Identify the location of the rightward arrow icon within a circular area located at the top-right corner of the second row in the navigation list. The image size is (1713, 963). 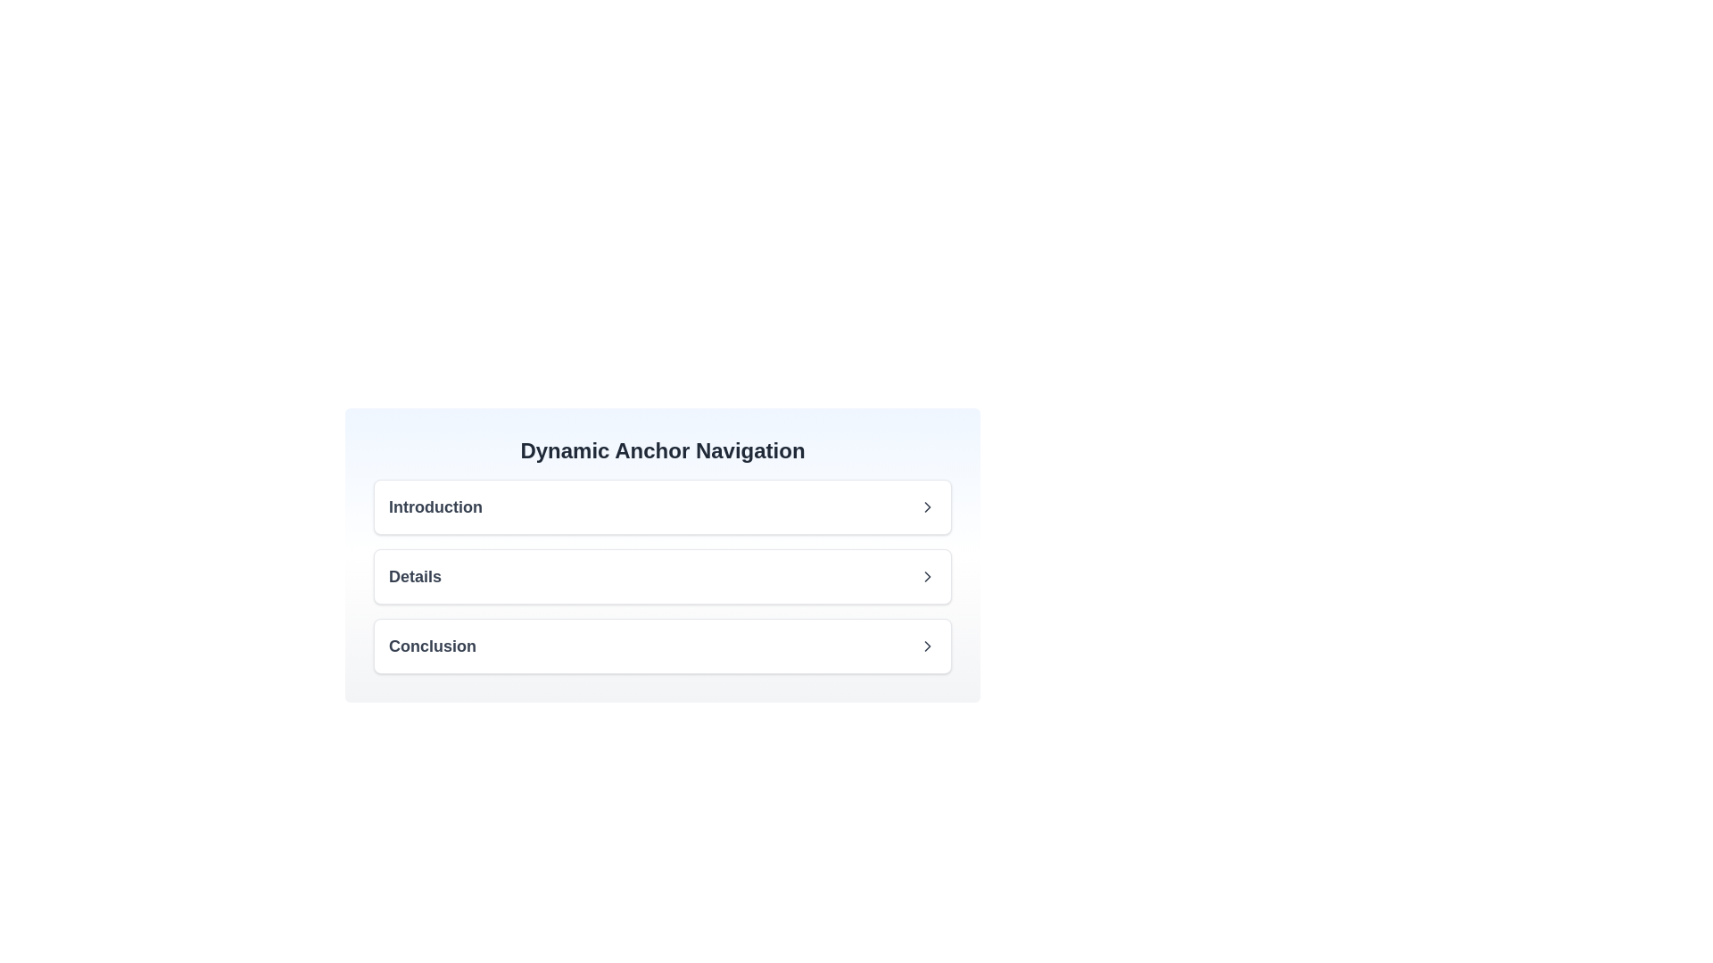
(928, 577).